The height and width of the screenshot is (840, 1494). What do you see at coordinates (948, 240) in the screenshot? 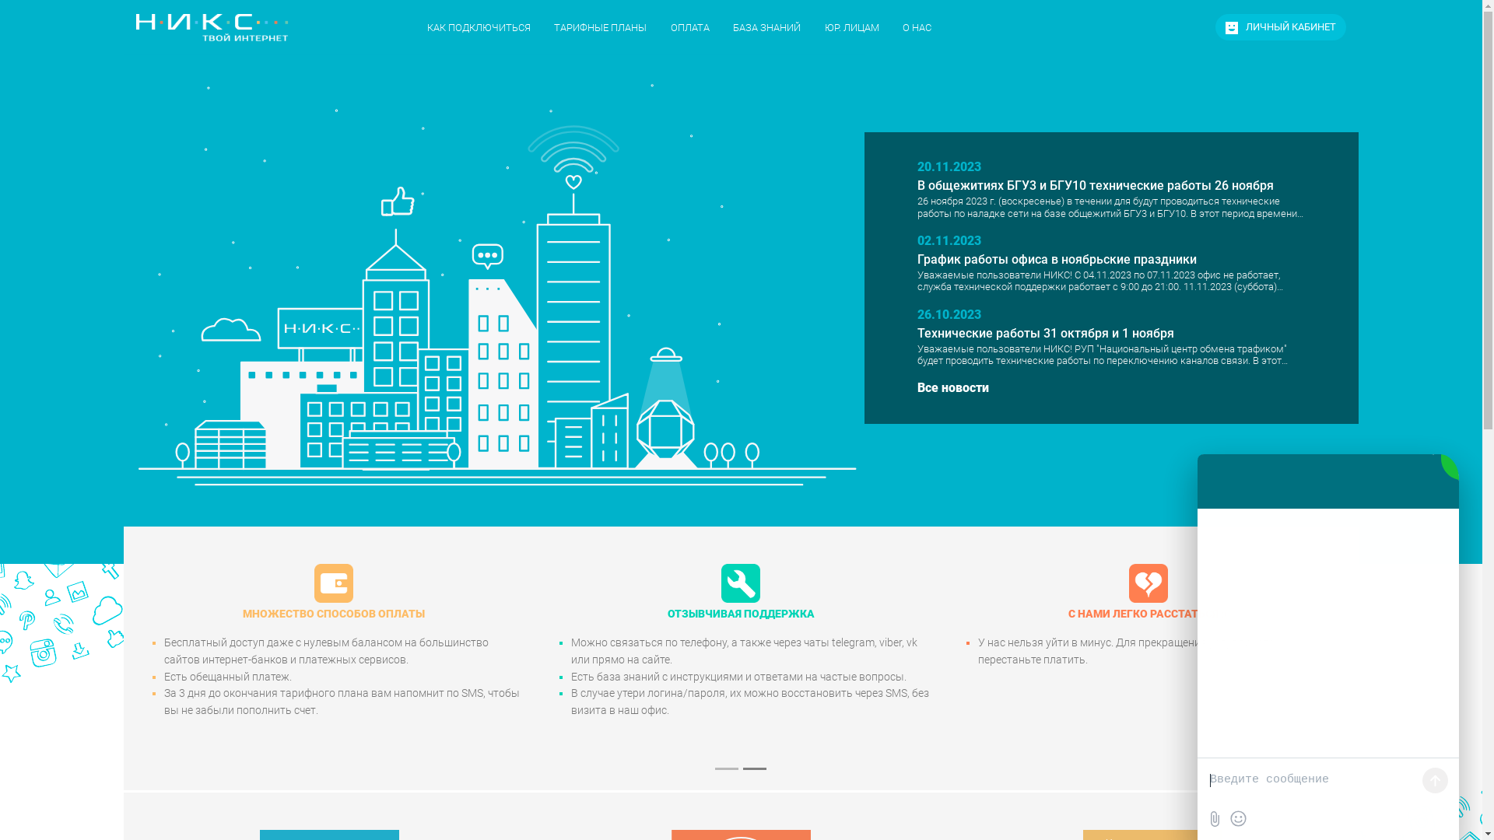
I see `'02.11.2023'` at bounding box center [948, 240].